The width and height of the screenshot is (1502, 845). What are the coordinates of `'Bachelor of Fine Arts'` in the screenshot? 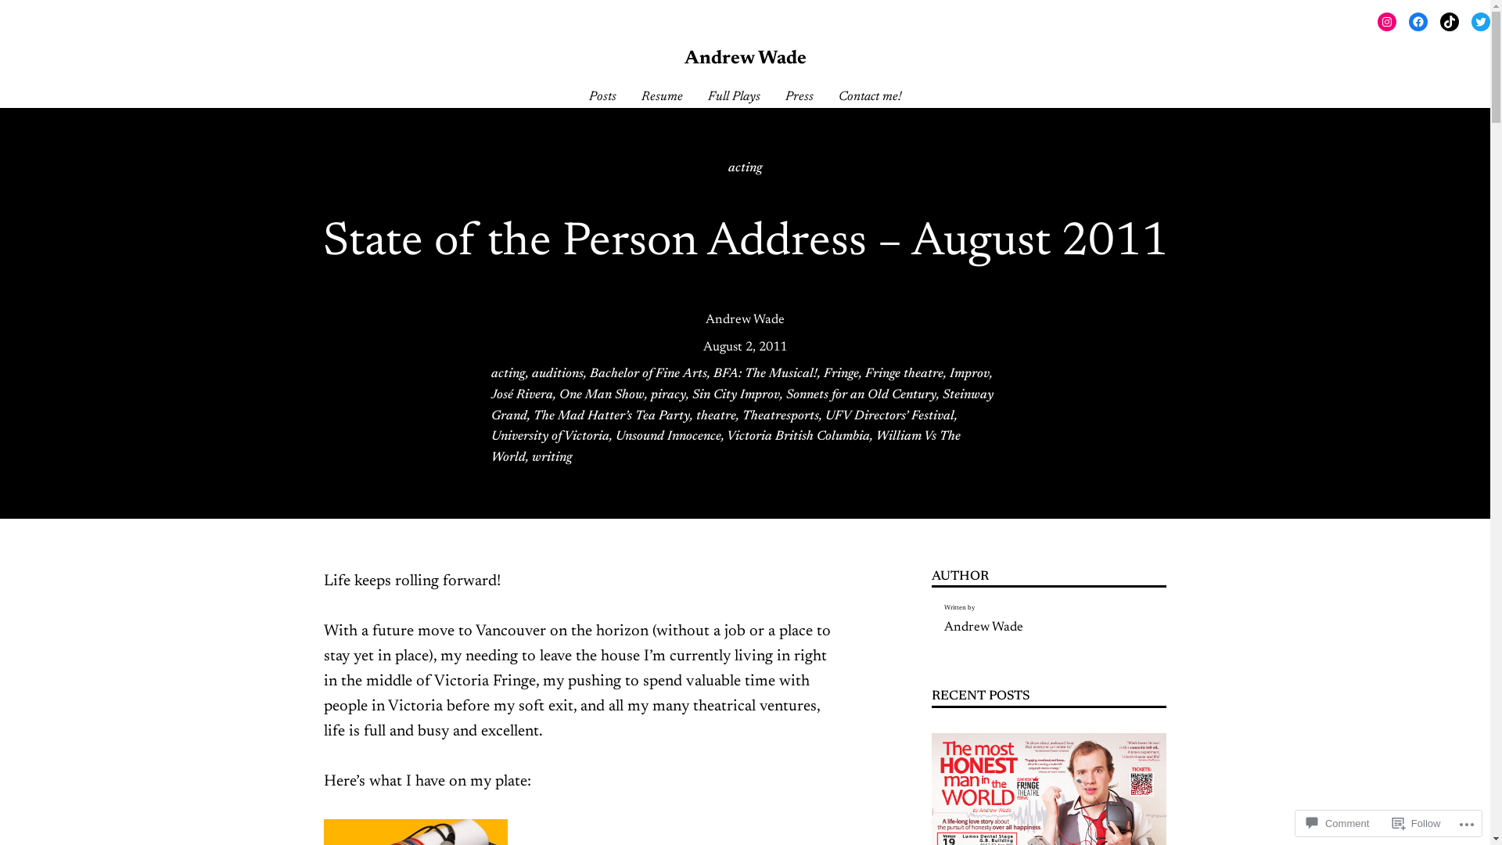 It's located at (649, 374).